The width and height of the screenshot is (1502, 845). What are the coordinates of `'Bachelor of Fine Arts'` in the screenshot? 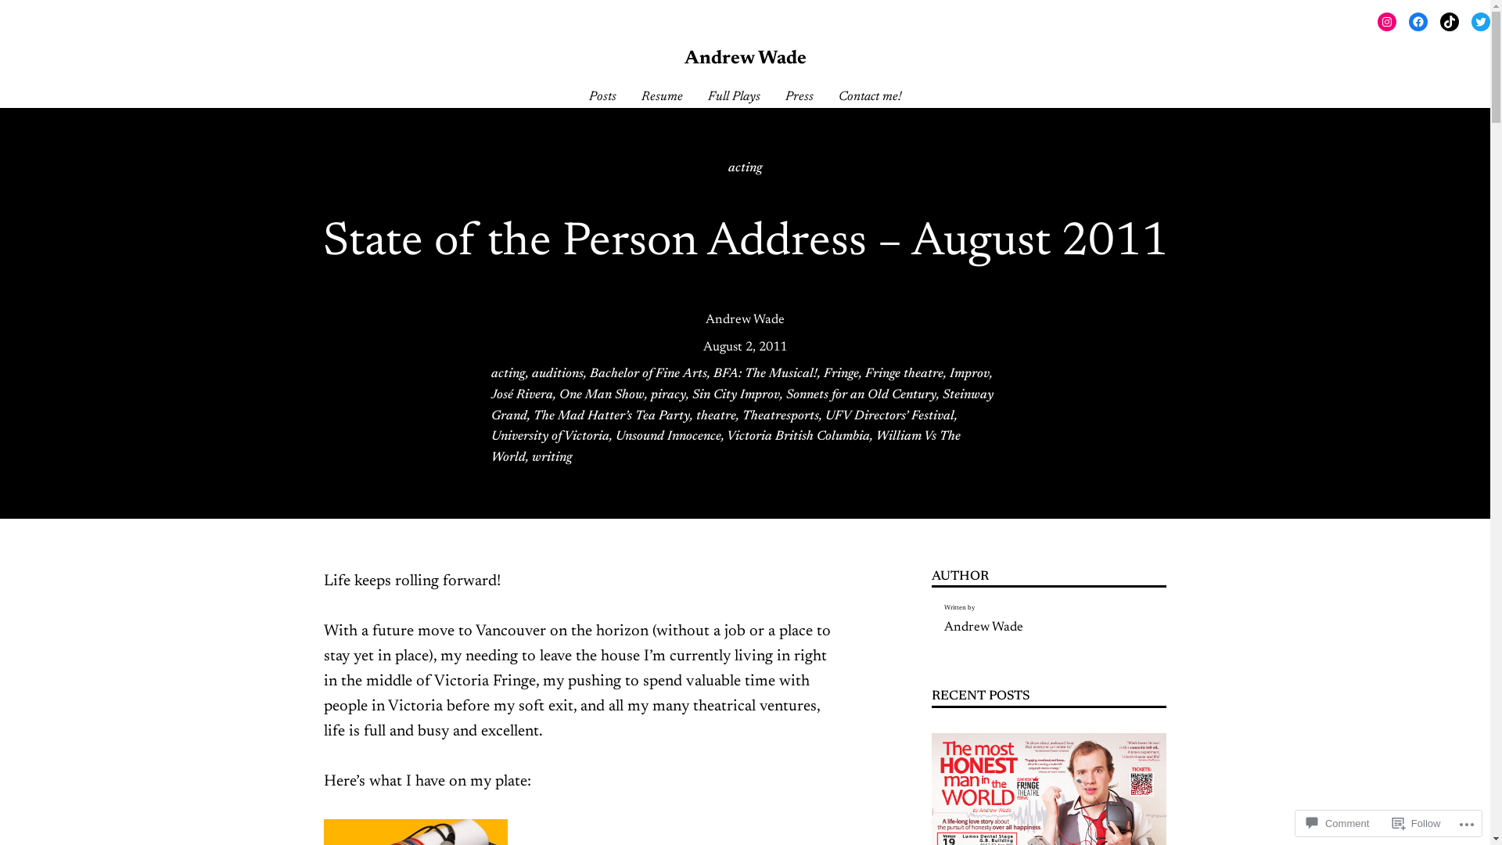 It's located at (649, 374).